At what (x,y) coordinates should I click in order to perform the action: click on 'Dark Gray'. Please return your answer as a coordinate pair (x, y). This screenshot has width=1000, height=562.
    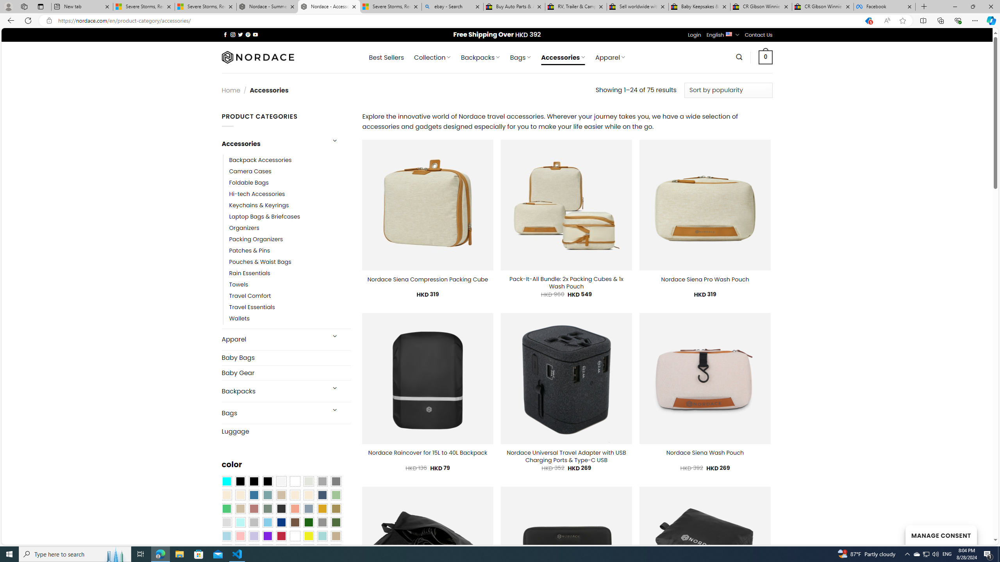
    Looking at the image, I should click on (321, 481).